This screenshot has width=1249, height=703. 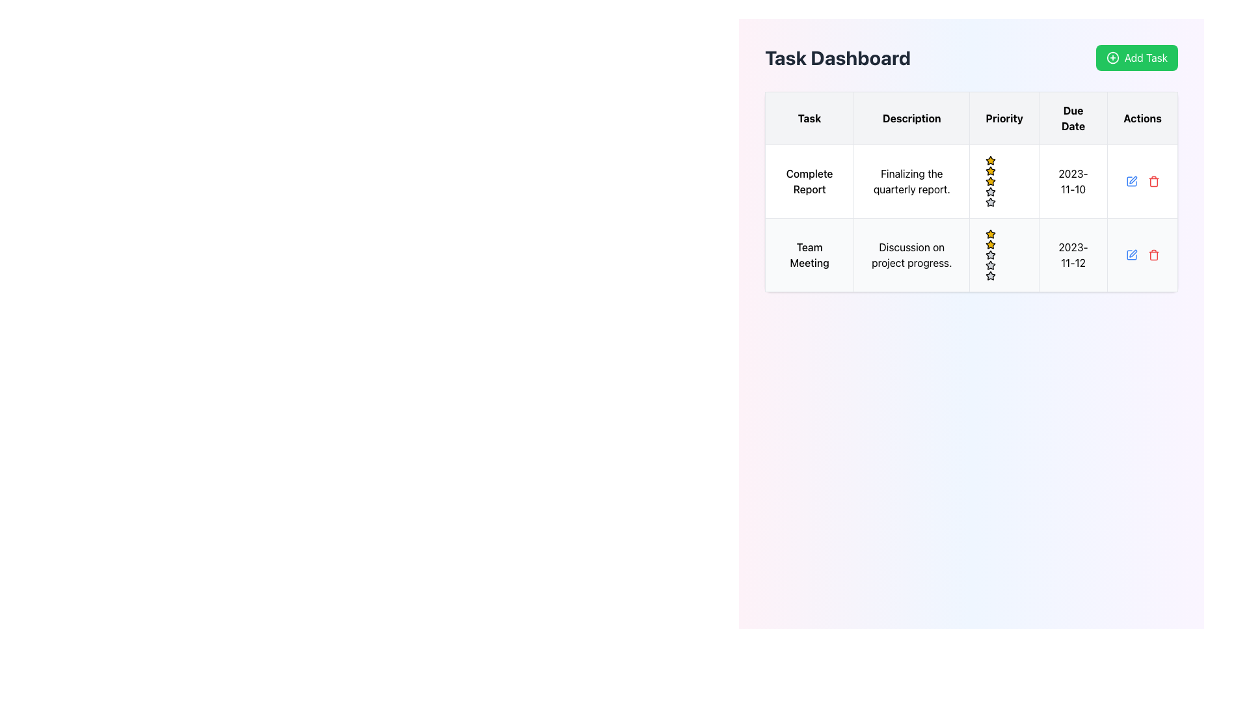 What do you see at coordinates (990, 244) in the screenshot?
I see `the visual state of the star icon element indicating priority for the 'Team Meeting' task entry in the 'Priority' column of the 'Task Dashboard'` at bounding box center [990, 244].